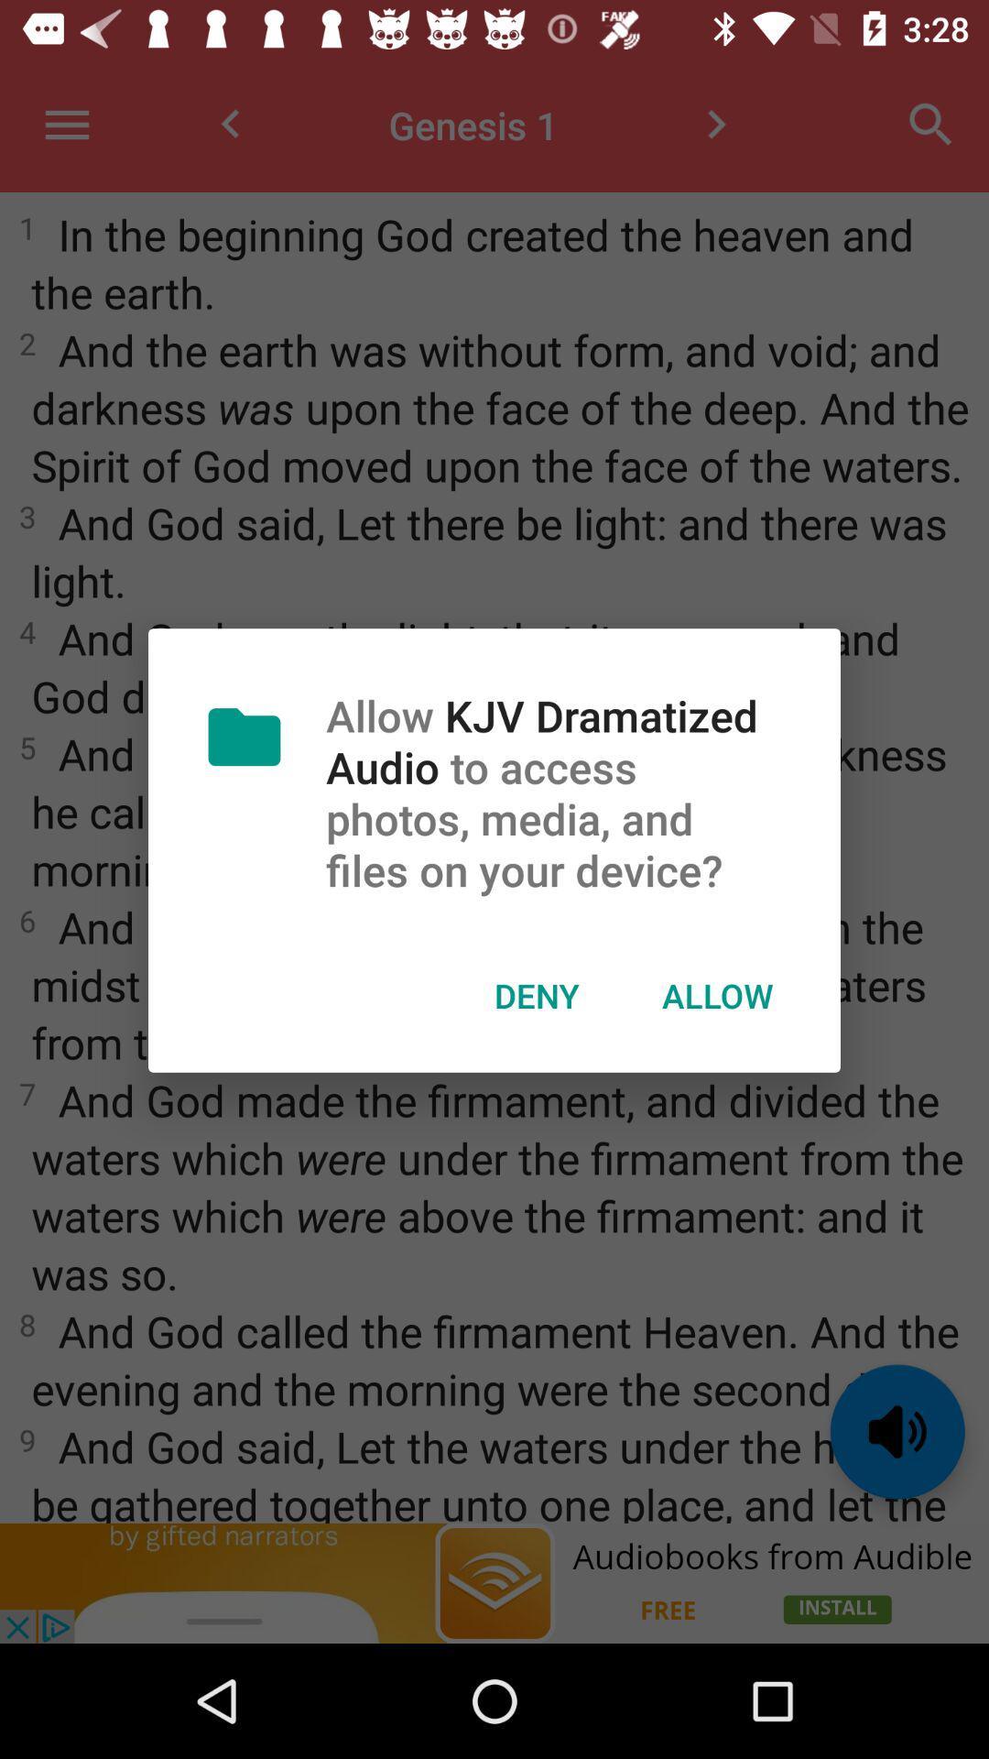 The width and height of the screenshot is (989, 1759). Describe the element at coordinates (897, 1431) in the screenshot. I see `the volume icon` at that location.